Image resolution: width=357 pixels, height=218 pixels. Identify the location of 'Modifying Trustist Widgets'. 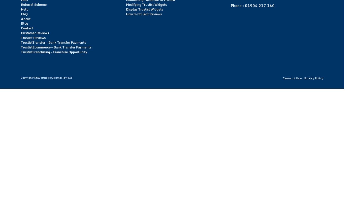
(146, 4).